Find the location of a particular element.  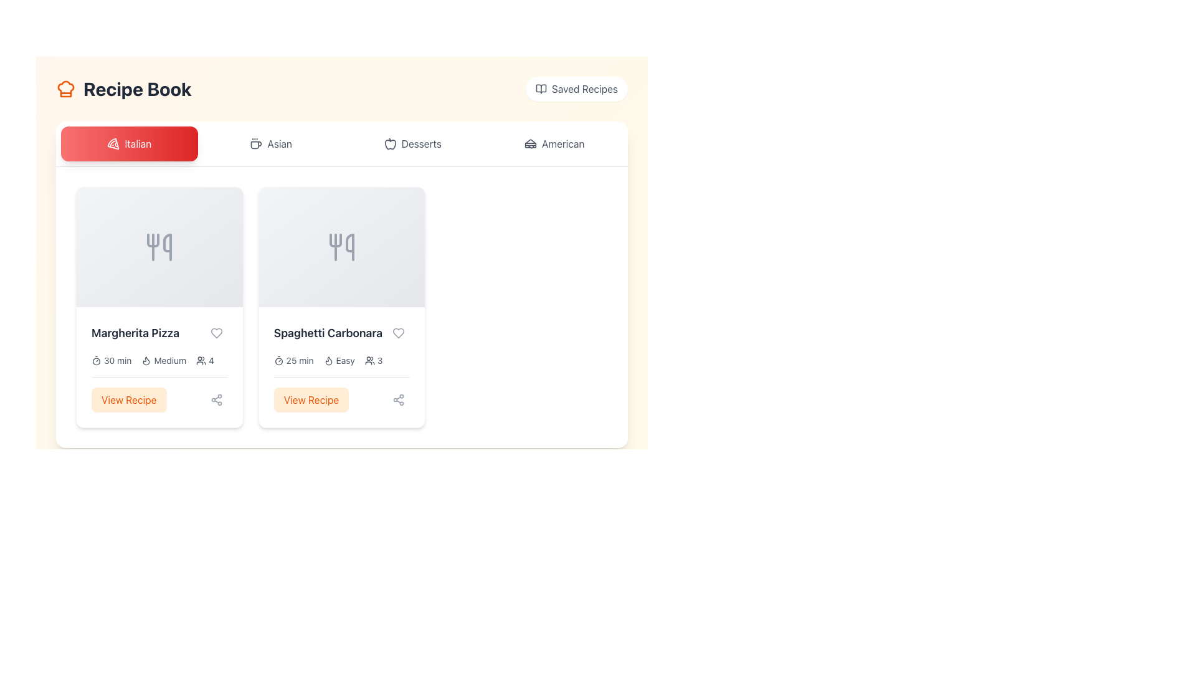

the share icon button located at the bottom-right corner of the second card to change its color is located at coordinates (399, 399).